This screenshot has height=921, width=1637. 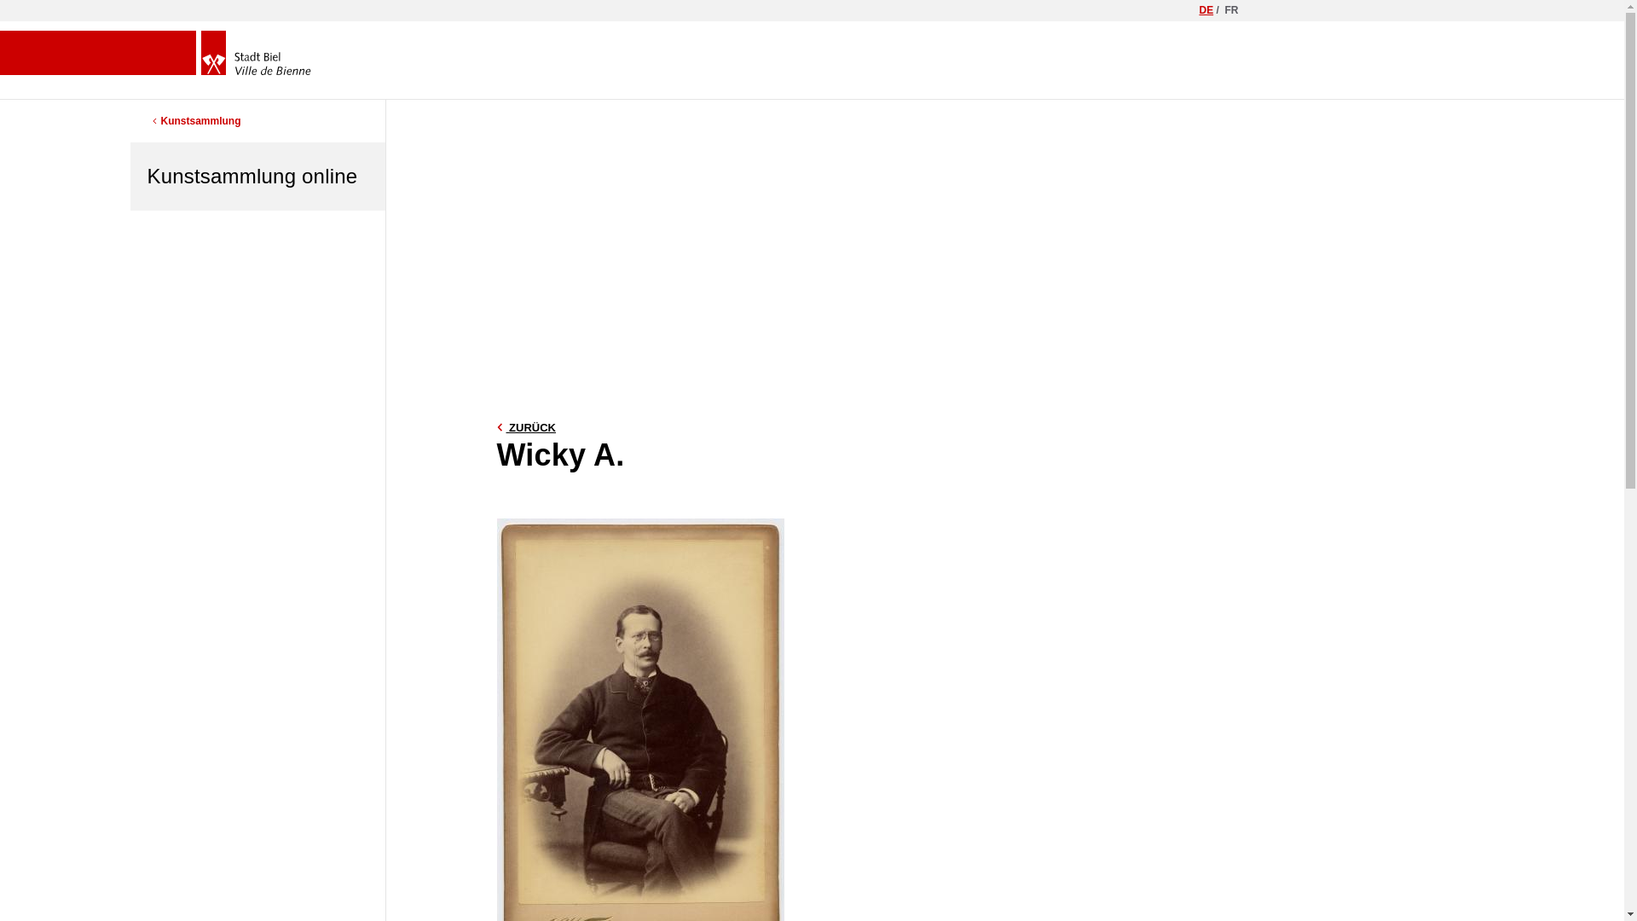 What do you see at coordinates (193, 120) in the screenshot?
I see `'Kunstsammlung'` at bounding box center [193, 120].